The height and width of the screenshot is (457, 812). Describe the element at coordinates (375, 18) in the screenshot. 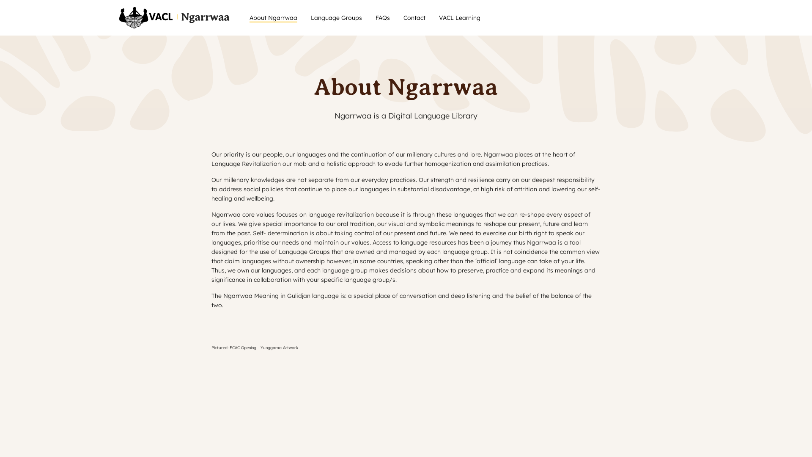

I see `'FAQs'` at that location.